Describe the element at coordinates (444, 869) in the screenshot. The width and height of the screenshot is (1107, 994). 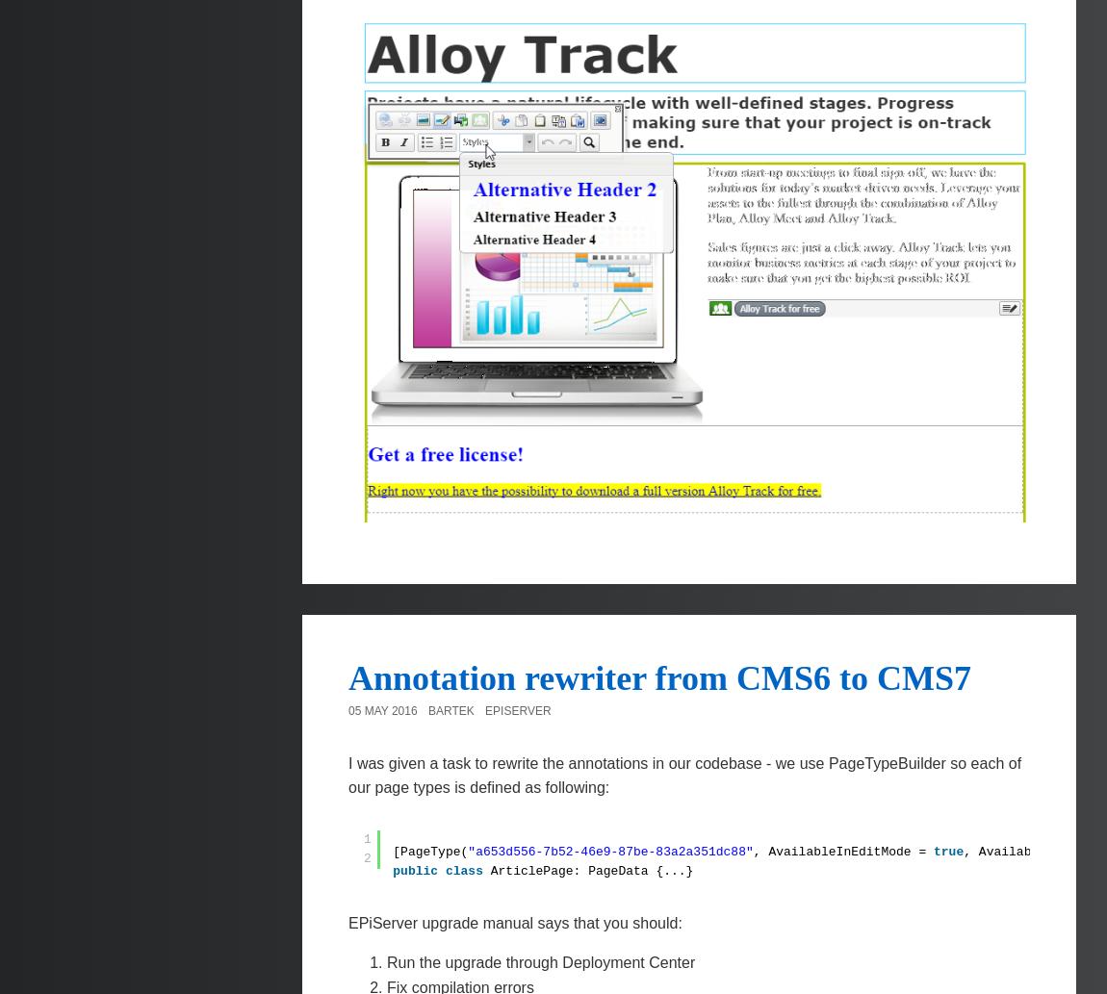
I see `'class'` at that location.